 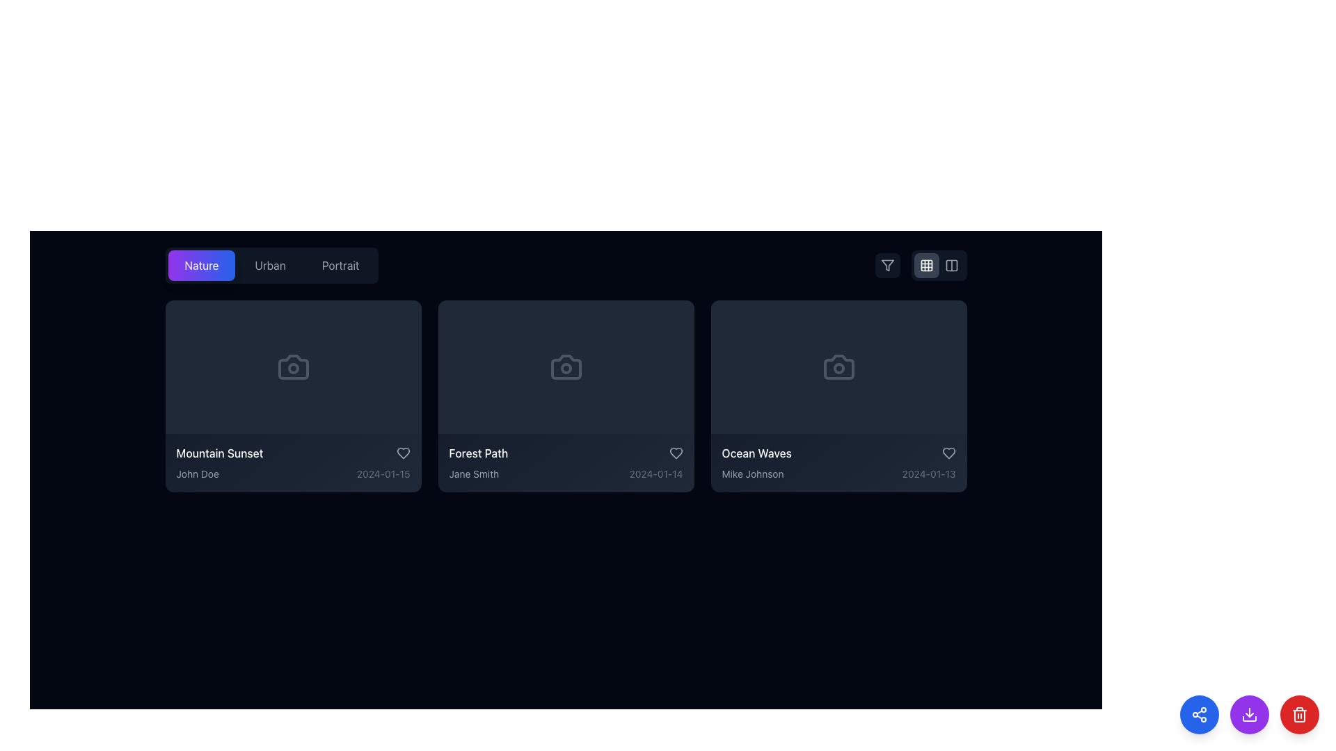 What do you see at coordinates (929, 474) in the screenshot?
I see `the date text label ('2024-01-13') displayed in gray font located in the bottom right corner of the 'Ocean Waves' card, underneath 'Mike Johnson'` at bounding box center [929, 474].